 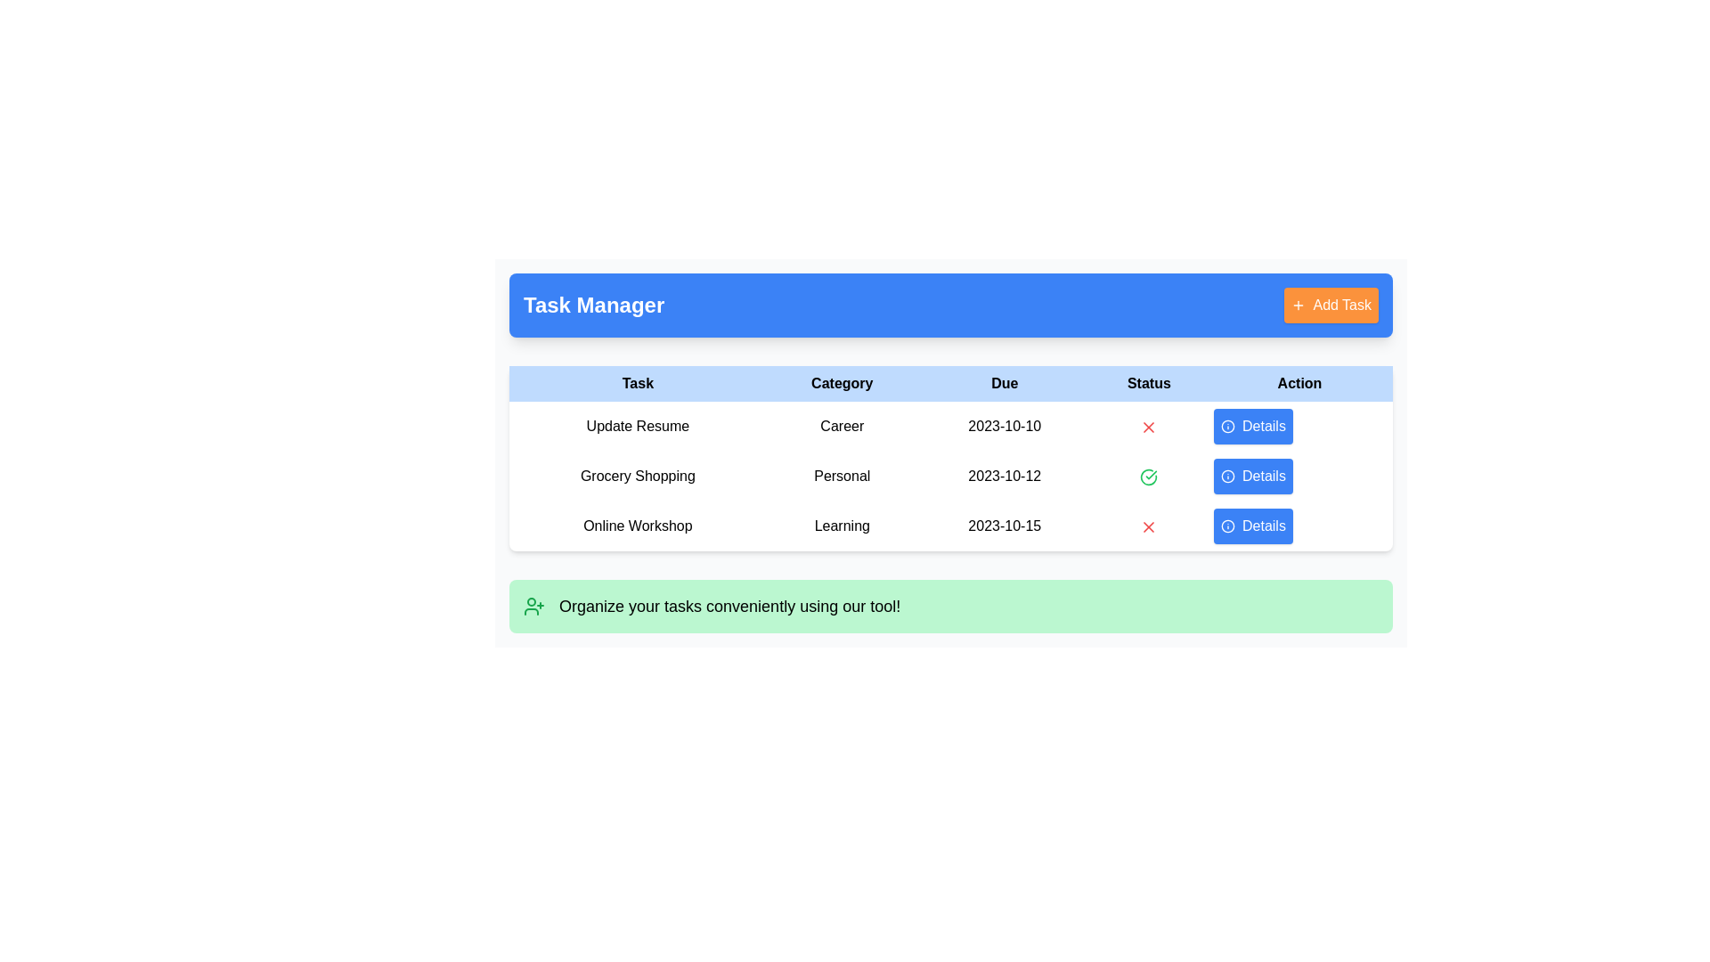 What do you see at coordinates (638, 383) in the screenshot?
I see `the 'Task' column header text label, which is the first item in a row of headers located in the top-left of the table section` at bounding box center [638, 383].